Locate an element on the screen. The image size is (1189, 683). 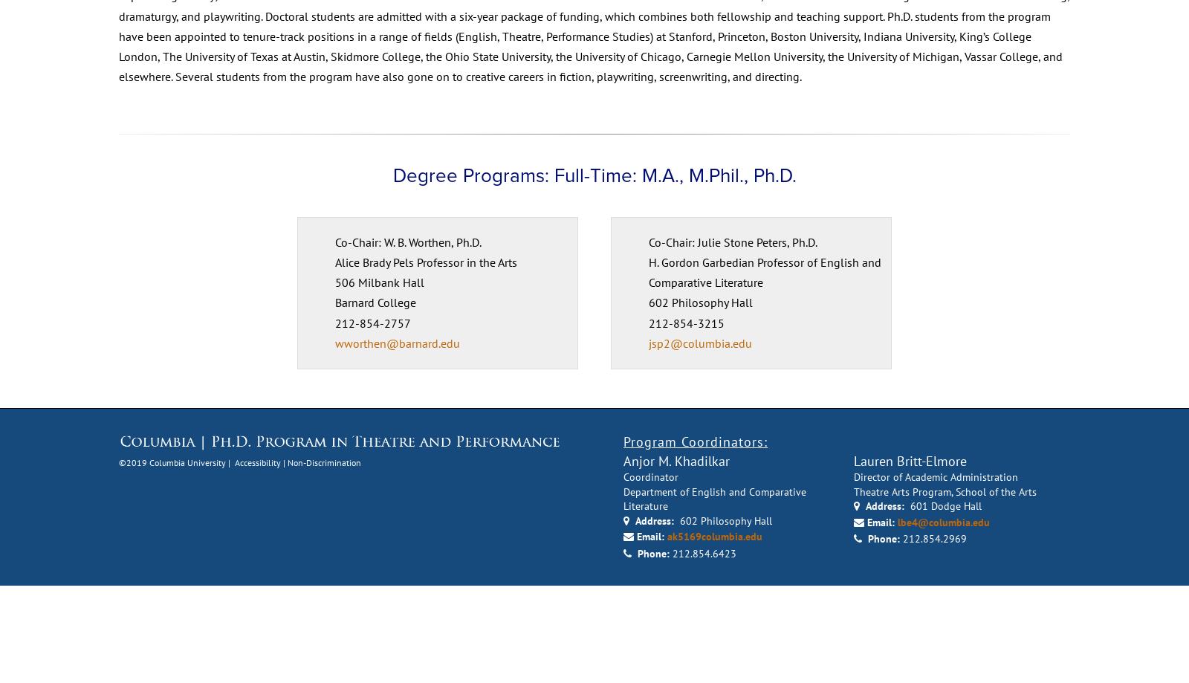
'Theatre Arts Program, School of the Arts' is located at coordinates (944, 587).